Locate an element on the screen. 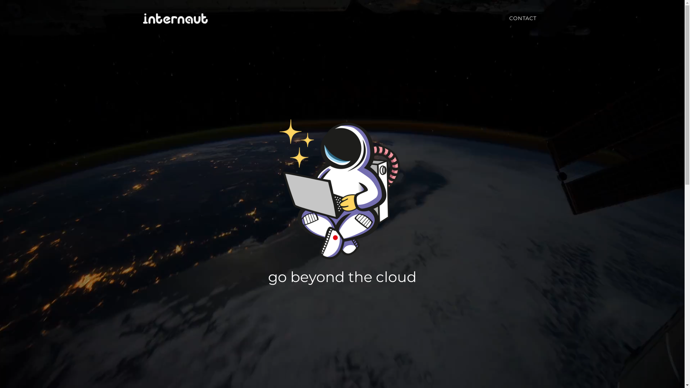 Image resolution: width=690 pixels, height=388 pixels. 'CONTACT' is located at coordinates (523, 18).